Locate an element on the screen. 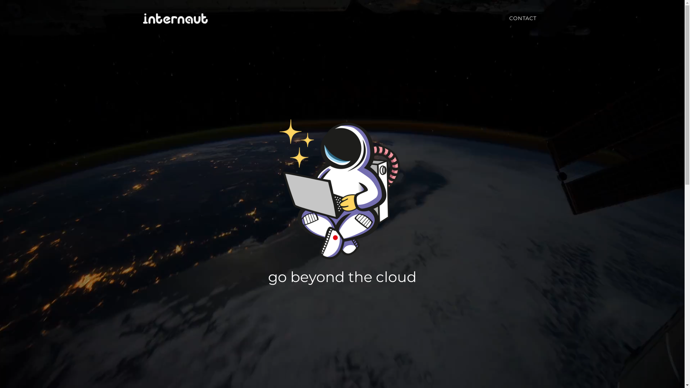 Image resolution: width=690 pixels, height=388 pixels. 'CONTACT' is located at coordinates (523, 18).